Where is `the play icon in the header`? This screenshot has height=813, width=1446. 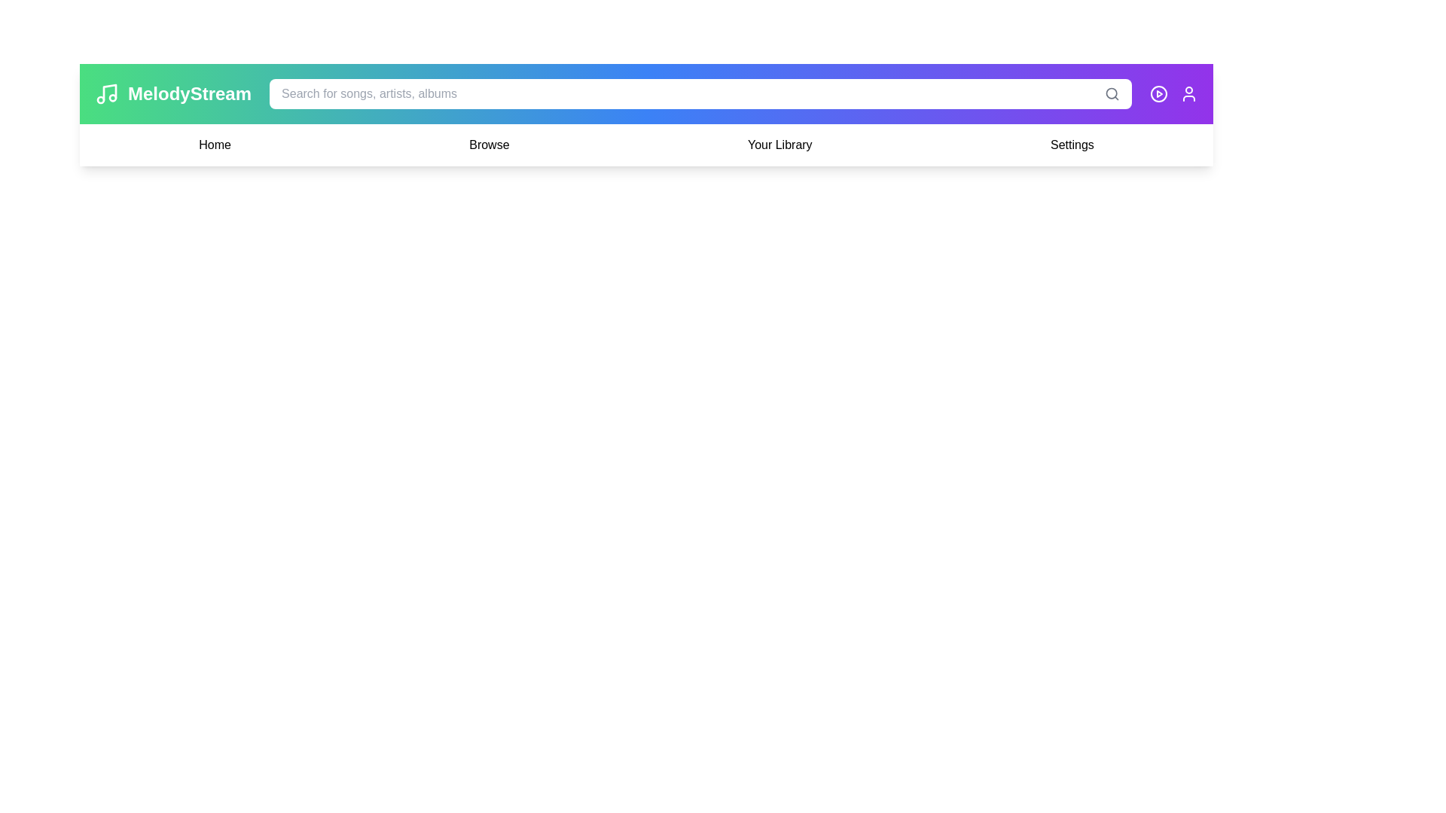
the play icon in the header is located at coordinates (1158, 93).